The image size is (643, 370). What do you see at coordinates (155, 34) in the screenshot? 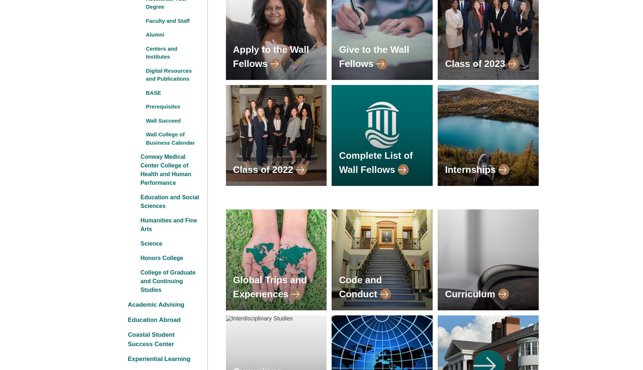
I see `'Alumni'` at bounding box center [155, 34].